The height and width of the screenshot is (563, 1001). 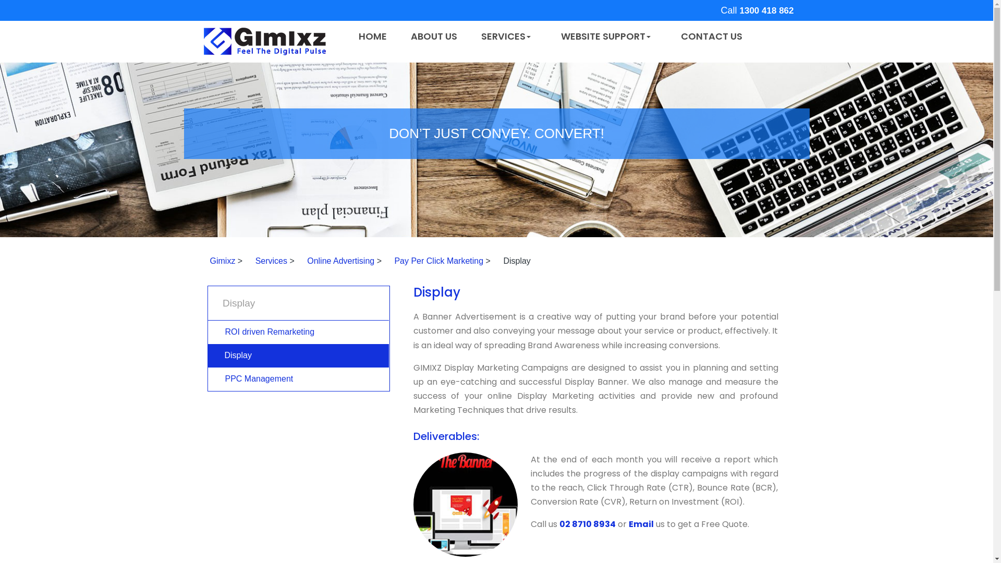 I want to click on 'WEBSITE SUPPORT', so click(x=608, y=36).